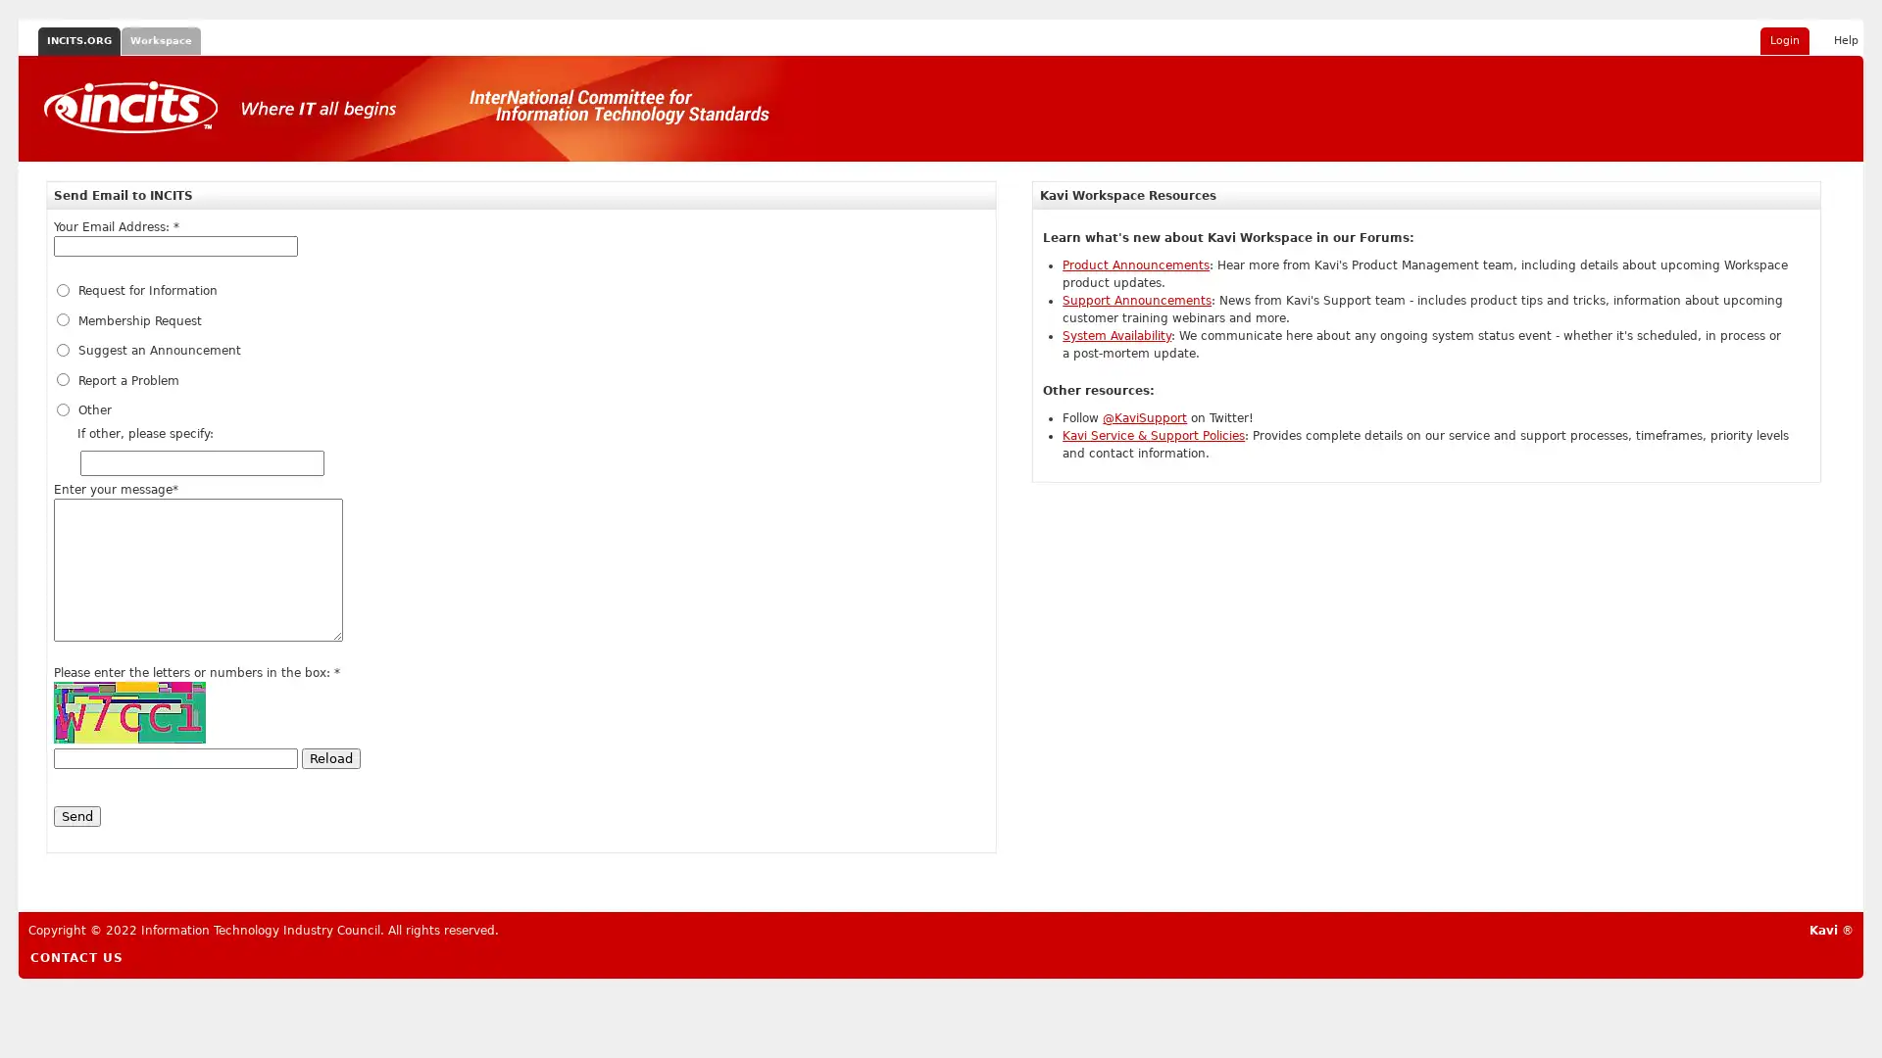  What do you see at coordinates (76, 816) in the screenshot?
I see `Send` at bounding box center [76, 816].